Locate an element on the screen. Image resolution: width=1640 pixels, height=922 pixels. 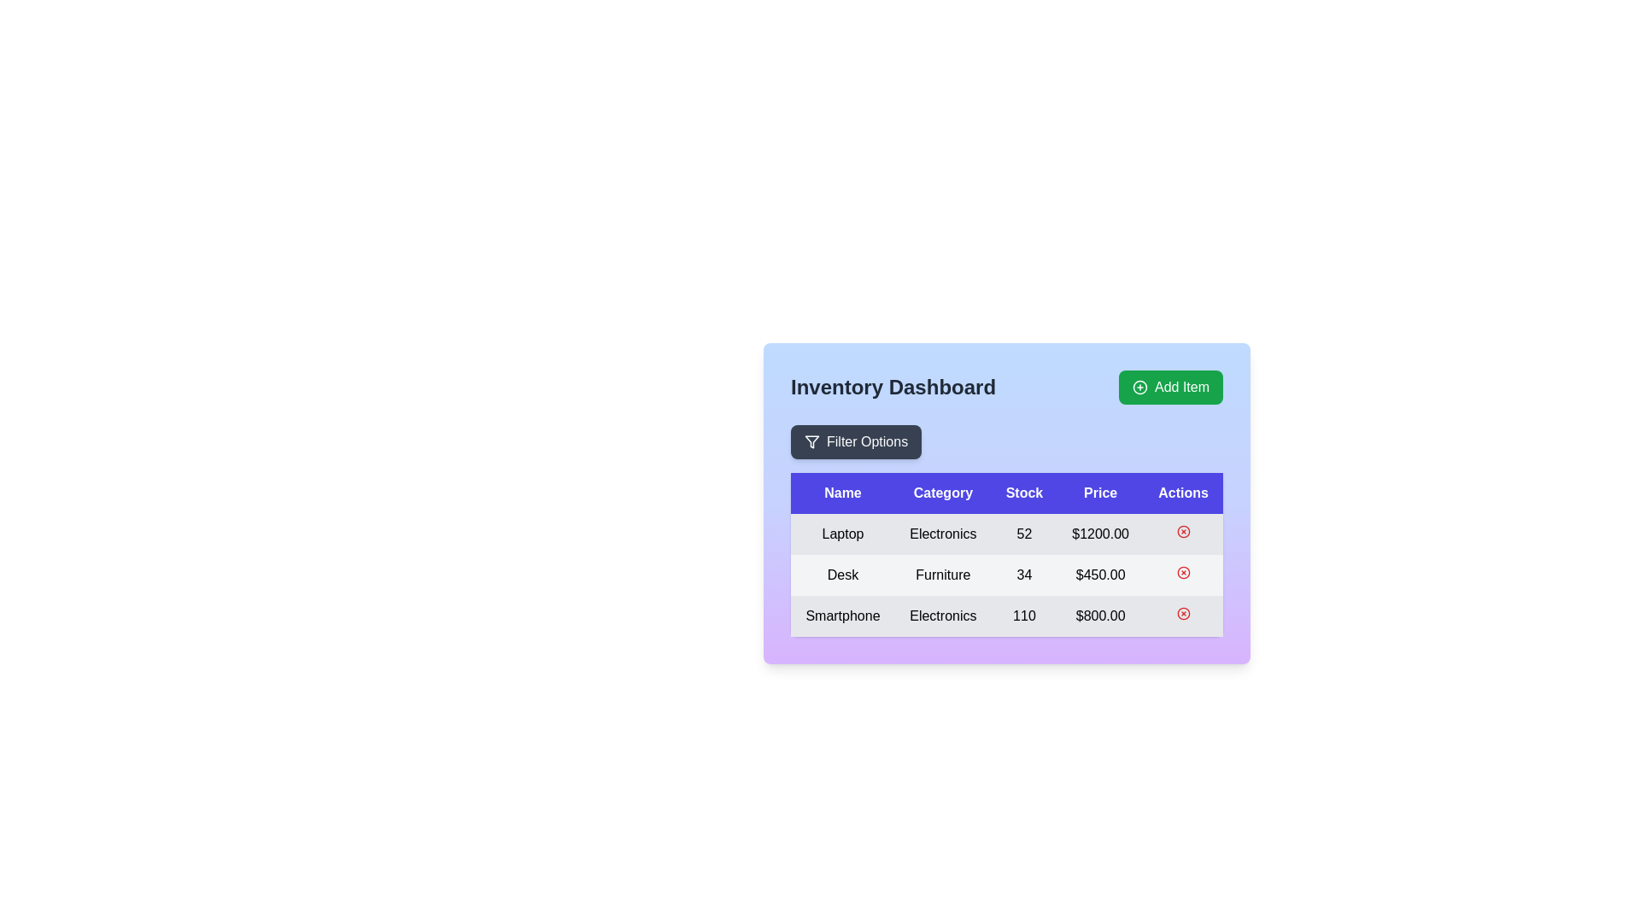
the price Text Label located in the fourth column of the first row of the table, under the 'Price' header, which is a non-interactive display element is located at coordinates (1100, 533).